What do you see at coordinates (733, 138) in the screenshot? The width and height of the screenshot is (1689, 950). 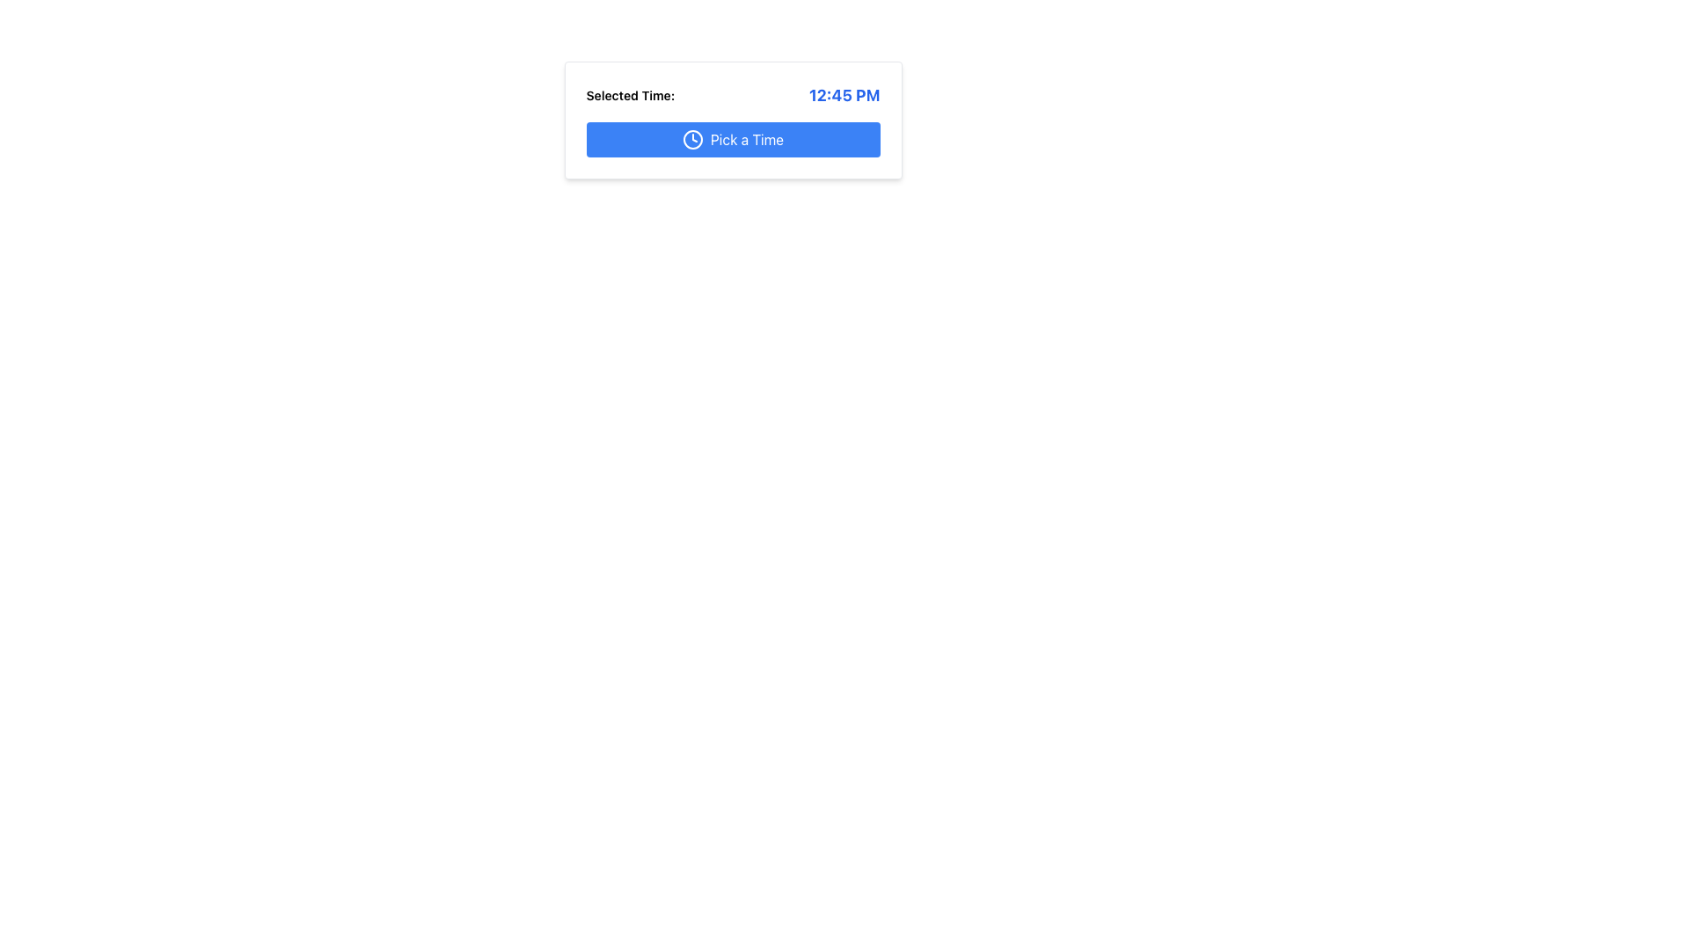 I see `the 'Pick a Time' button with a blue background and white text` at bounding box center [733, 138].